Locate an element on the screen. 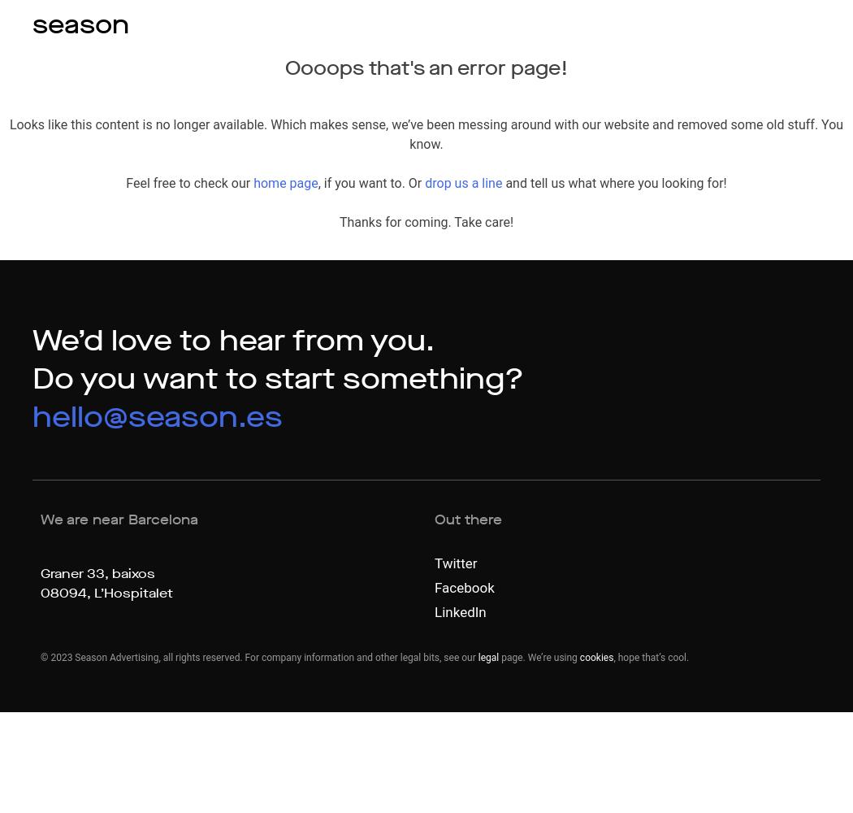 The image size is (853, 813). 'and tell us what where you looking for!' is located at coordinates (502, 182).